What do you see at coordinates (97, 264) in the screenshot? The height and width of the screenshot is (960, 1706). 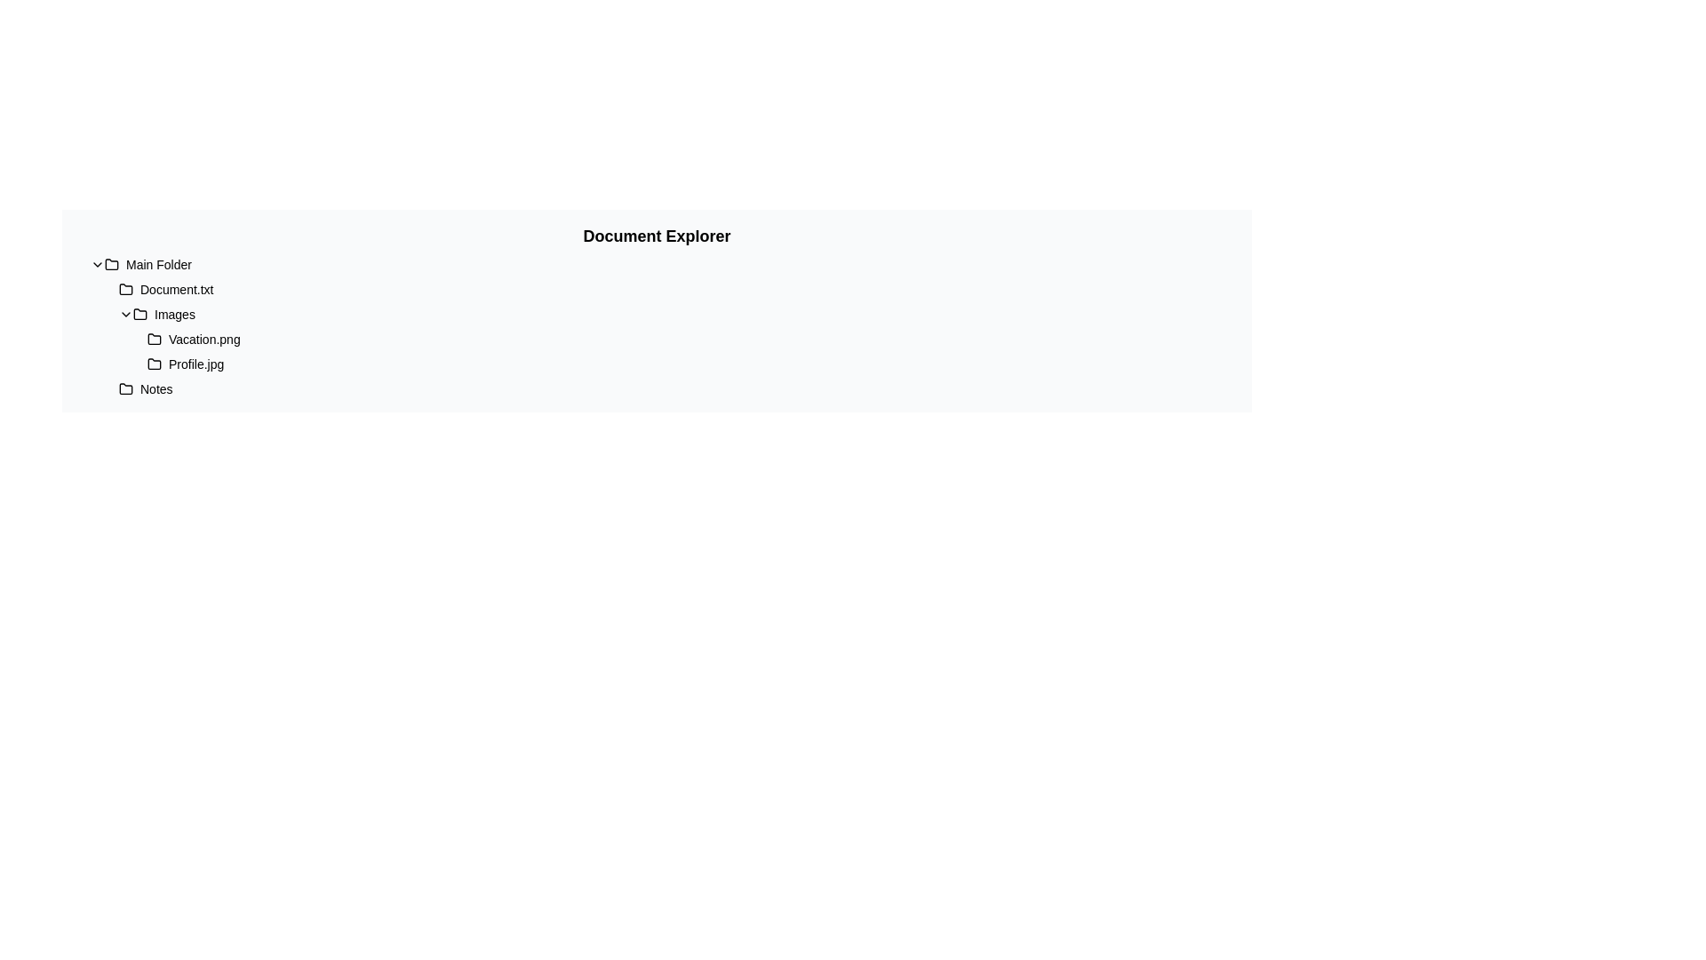 I see `the toggle icon that expands or collapses the viewable contents of the 'Main Folder', located before the folder icon and the text 'Main Folder'` at bounding box center [97, 264].